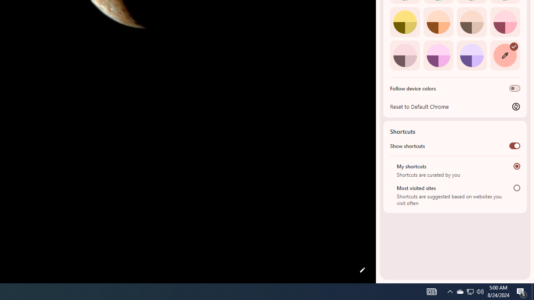 The image size is (534, 300). What do you see at coordinates (514, 145) in the screenshot?
I see `'Show shortcuts'` at bounding box center [514, 145].